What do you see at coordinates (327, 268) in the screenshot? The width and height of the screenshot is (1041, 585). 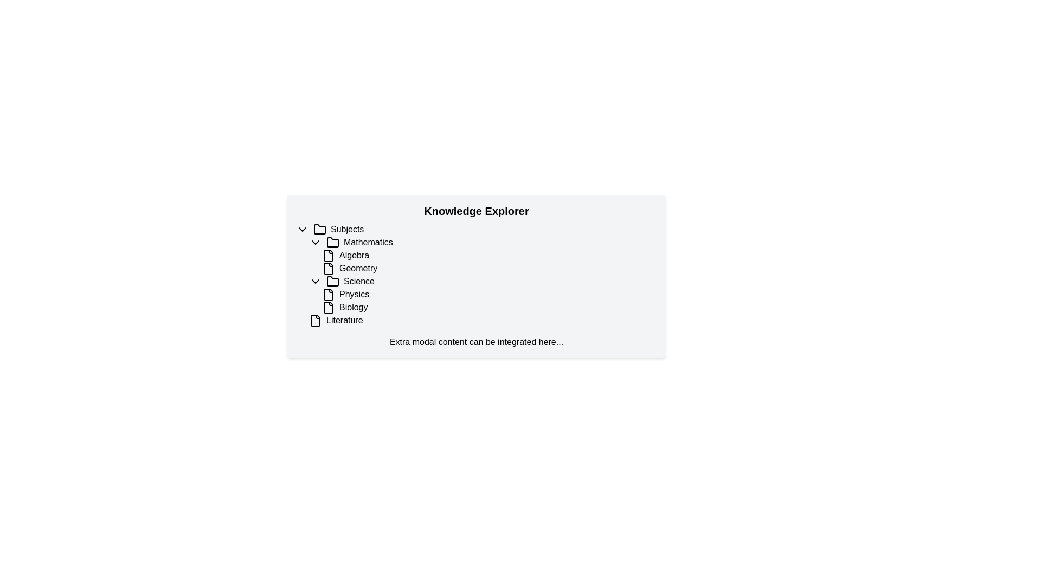 I see `the 'Geometry' icon located in the 'Mathematics' category of the 'Knowledge Explorer' interface to interact with it` at bounding box center [327, 268].